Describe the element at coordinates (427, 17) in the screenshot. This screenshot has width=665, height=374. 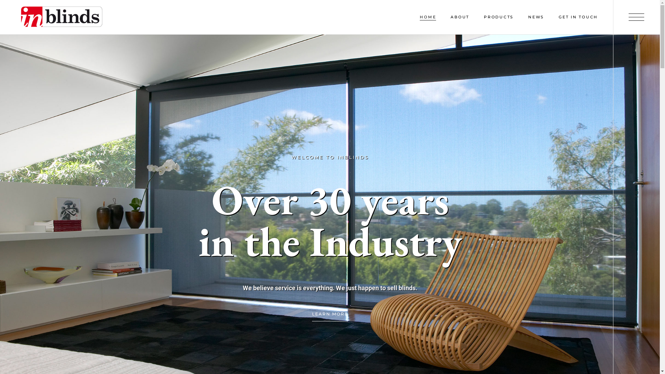
I see `'HOME'` at that location.